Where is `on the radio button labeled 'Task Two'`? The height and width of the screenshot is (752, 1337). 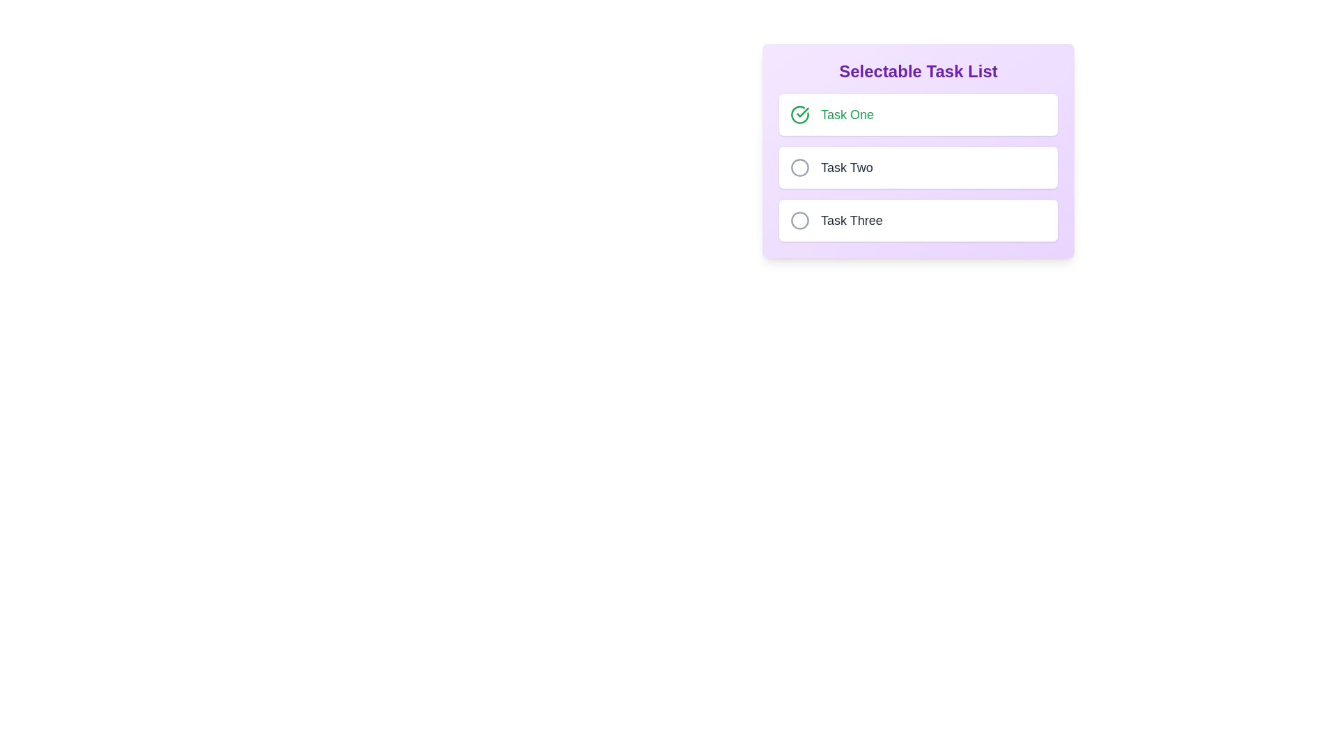
on the radio button labeled 'Task Two' is located at coordinates (799, 166).